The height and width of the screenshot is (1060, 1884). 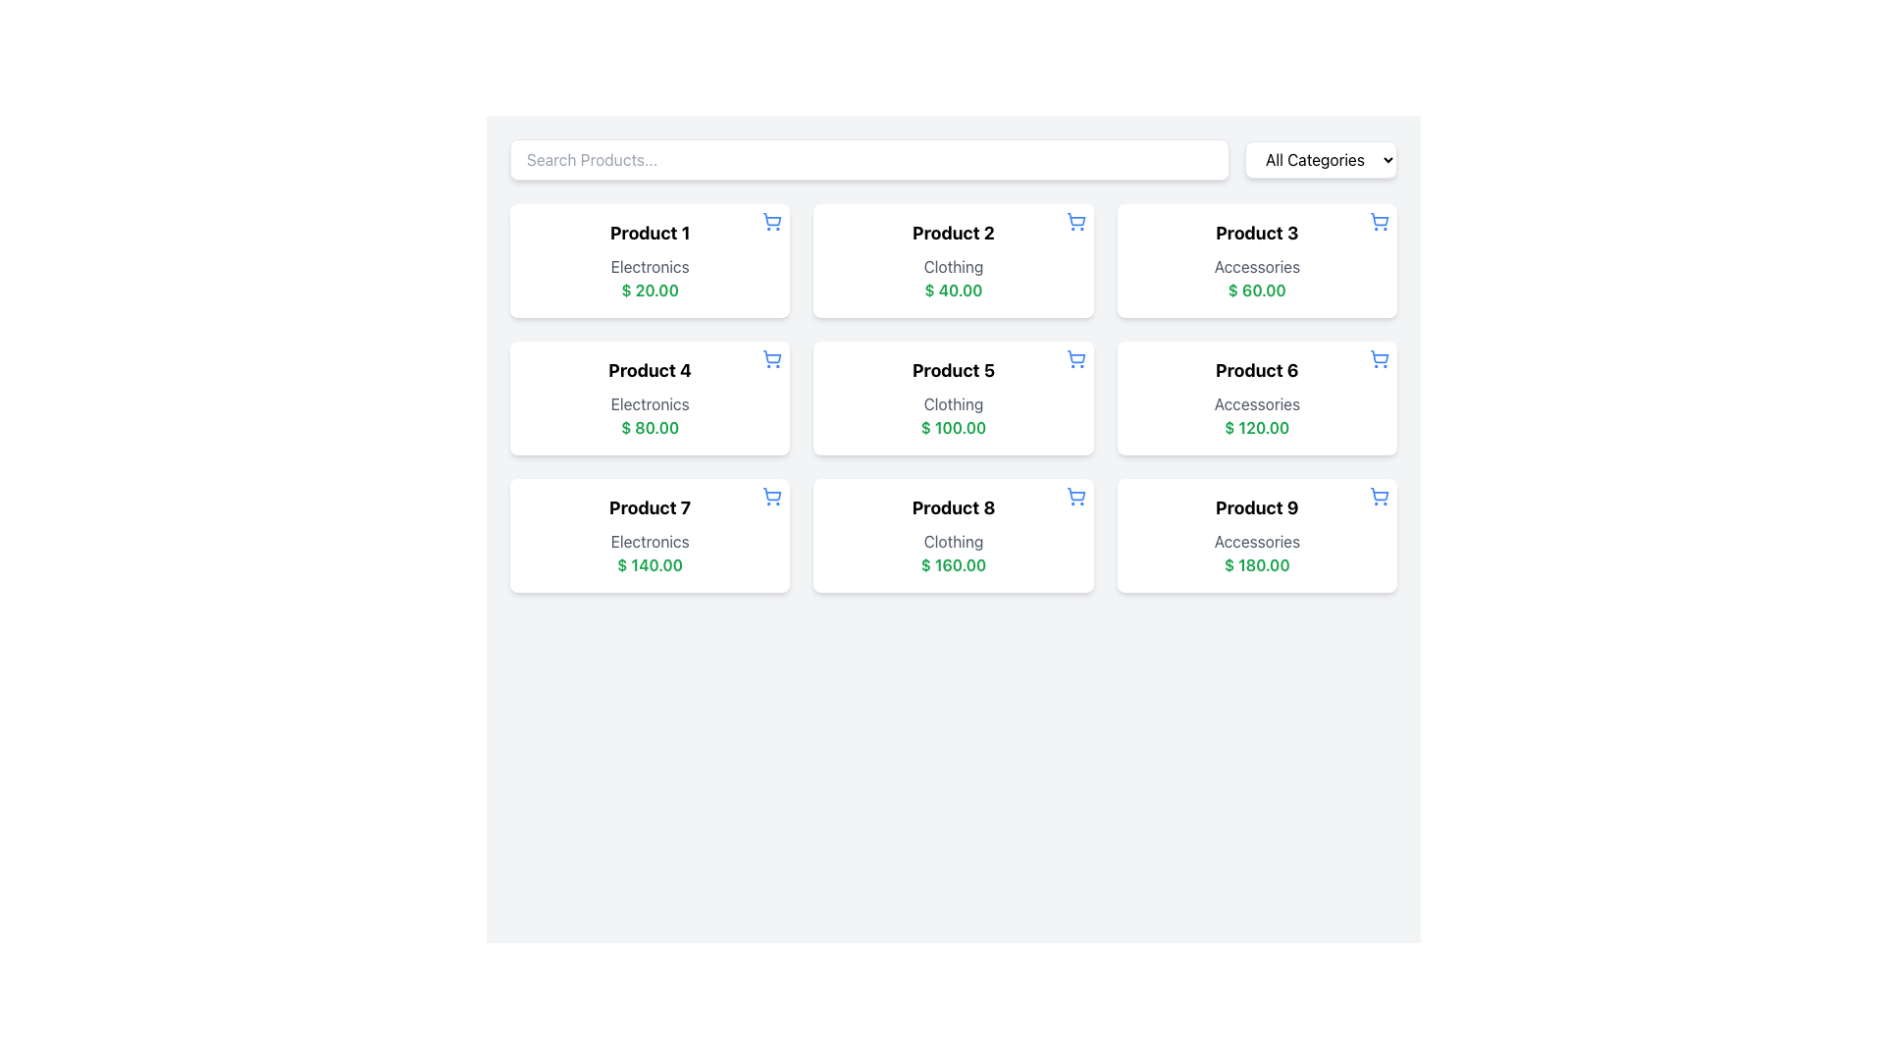 I want to click on the pricing information for 'Product 6', which is located in the lower section of the card in the rightmost column of the second row, so click(x=1257, y=426).